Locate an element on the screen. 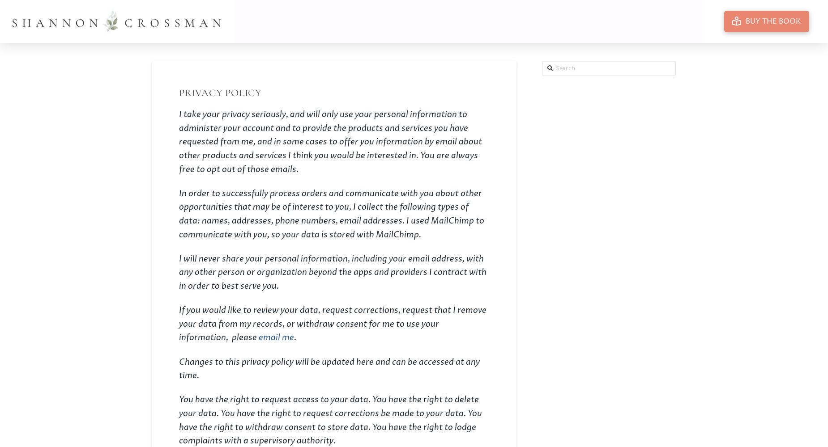  'email me' is located at coordinates (276, 337).